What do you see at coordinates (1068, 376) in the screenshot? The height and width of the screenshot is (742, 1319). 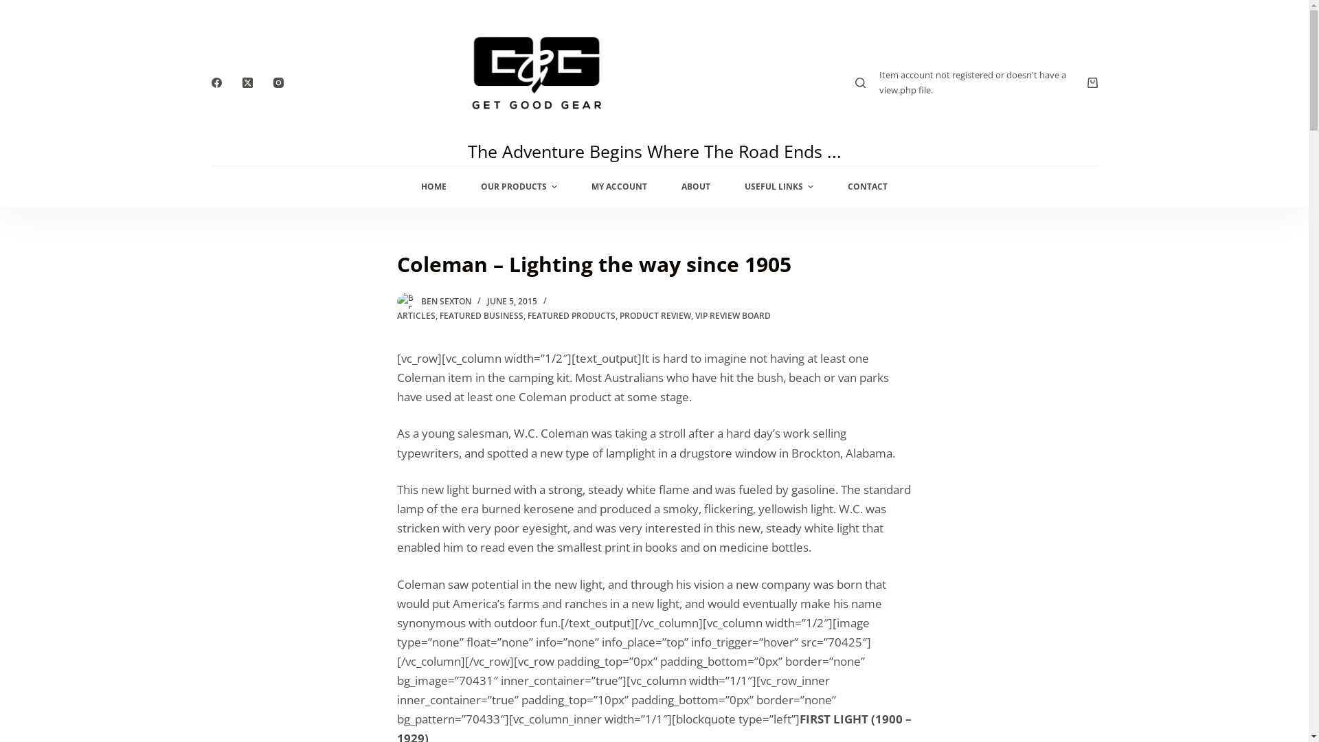 I see `'MY ACCOUNT'` at bounding box center [1068, 376].